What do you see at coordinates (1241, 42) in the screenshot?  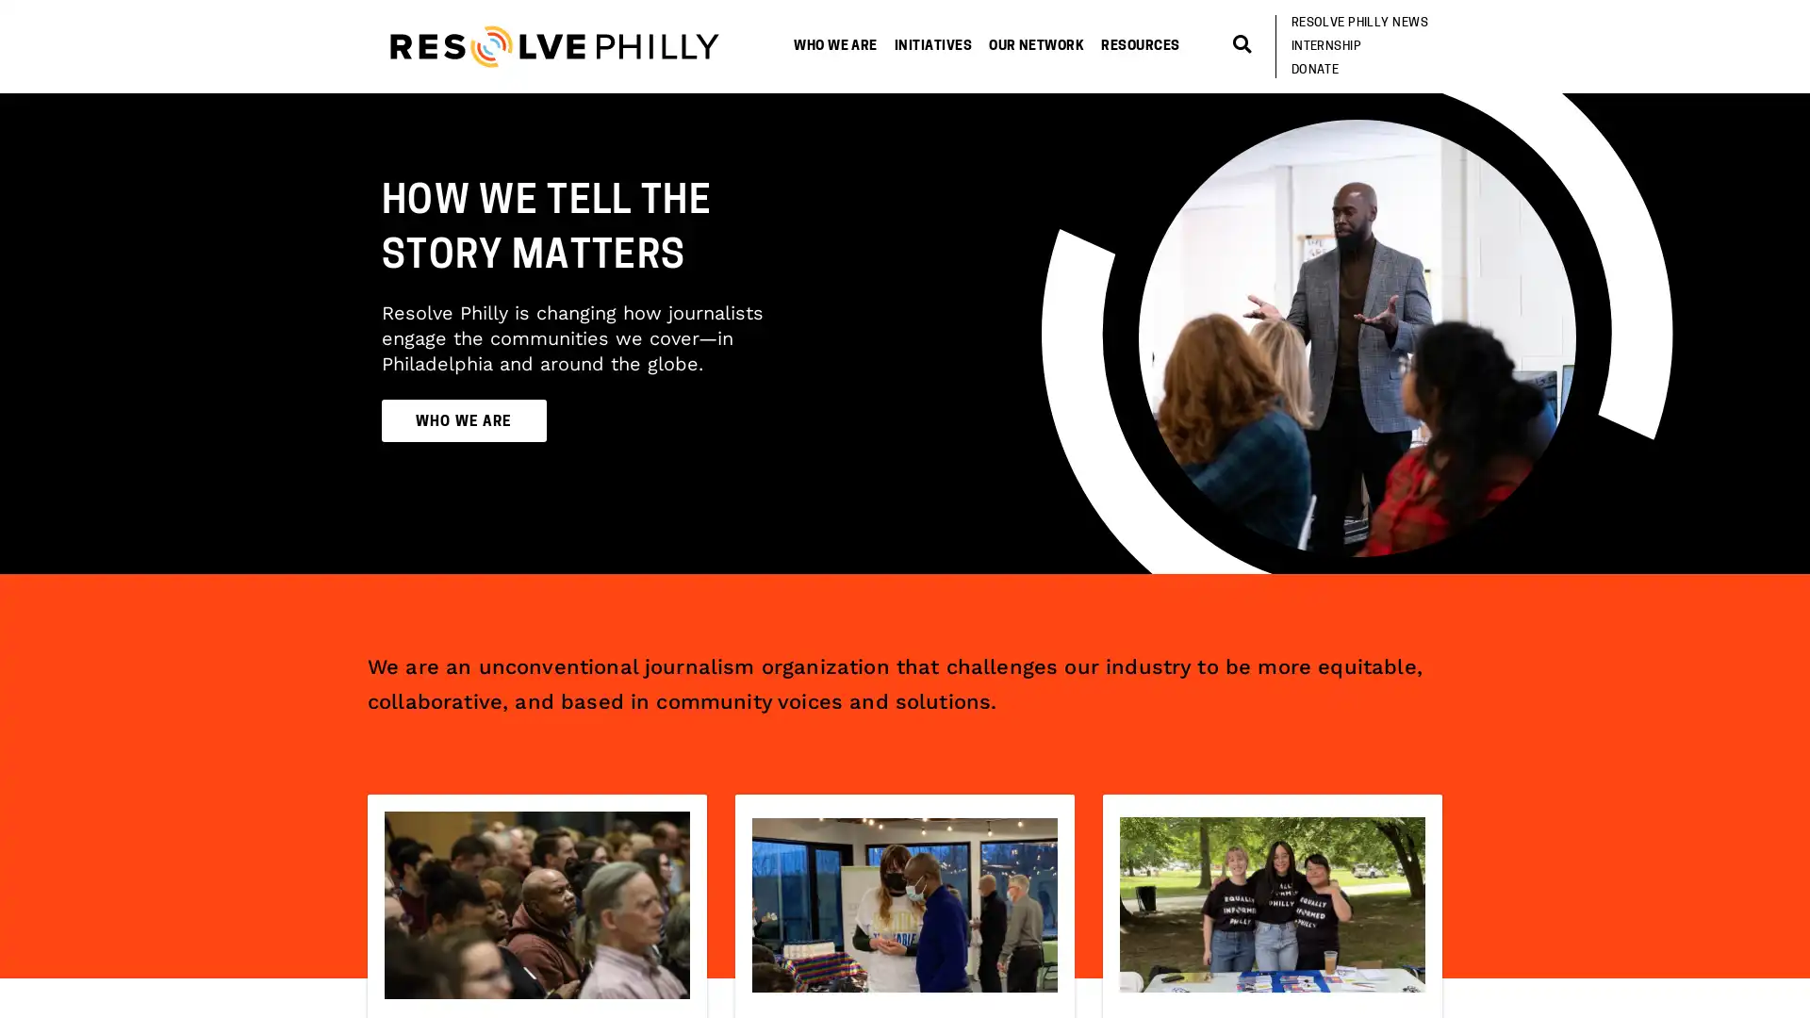 I see `Toggle search` at bounding box center [1241, 42].